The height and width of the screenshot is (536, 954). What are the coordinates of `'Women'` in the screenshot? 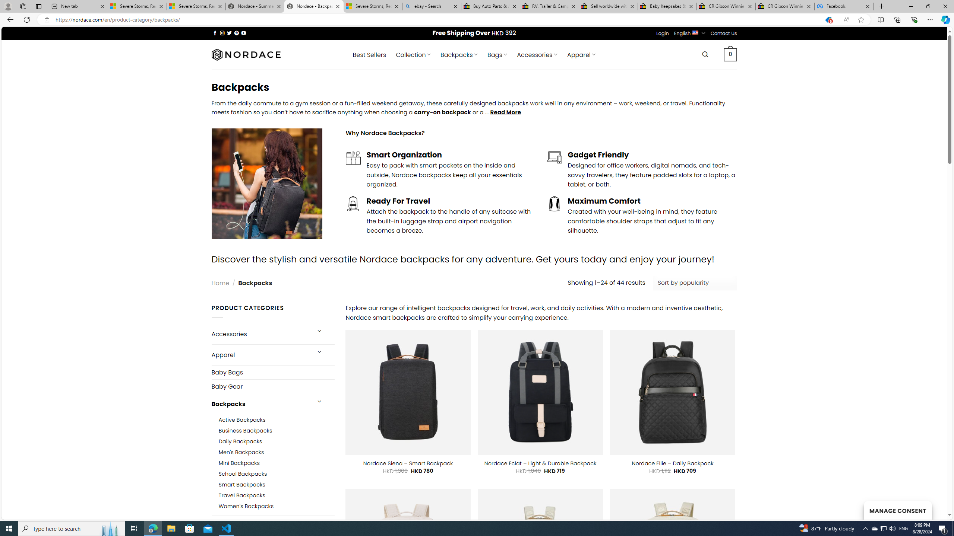 It's located at (246, 506).